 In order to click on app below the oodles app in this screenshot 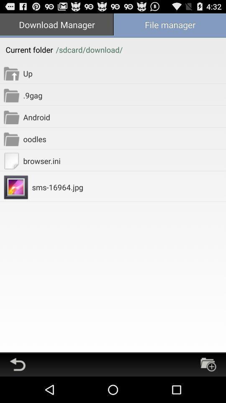, I will do `click(124, 160)`.